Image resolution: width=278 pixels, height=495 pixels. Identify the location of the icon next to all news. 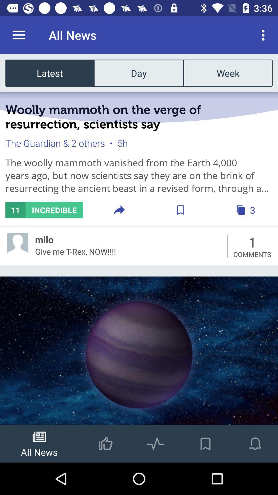
(264, 35).